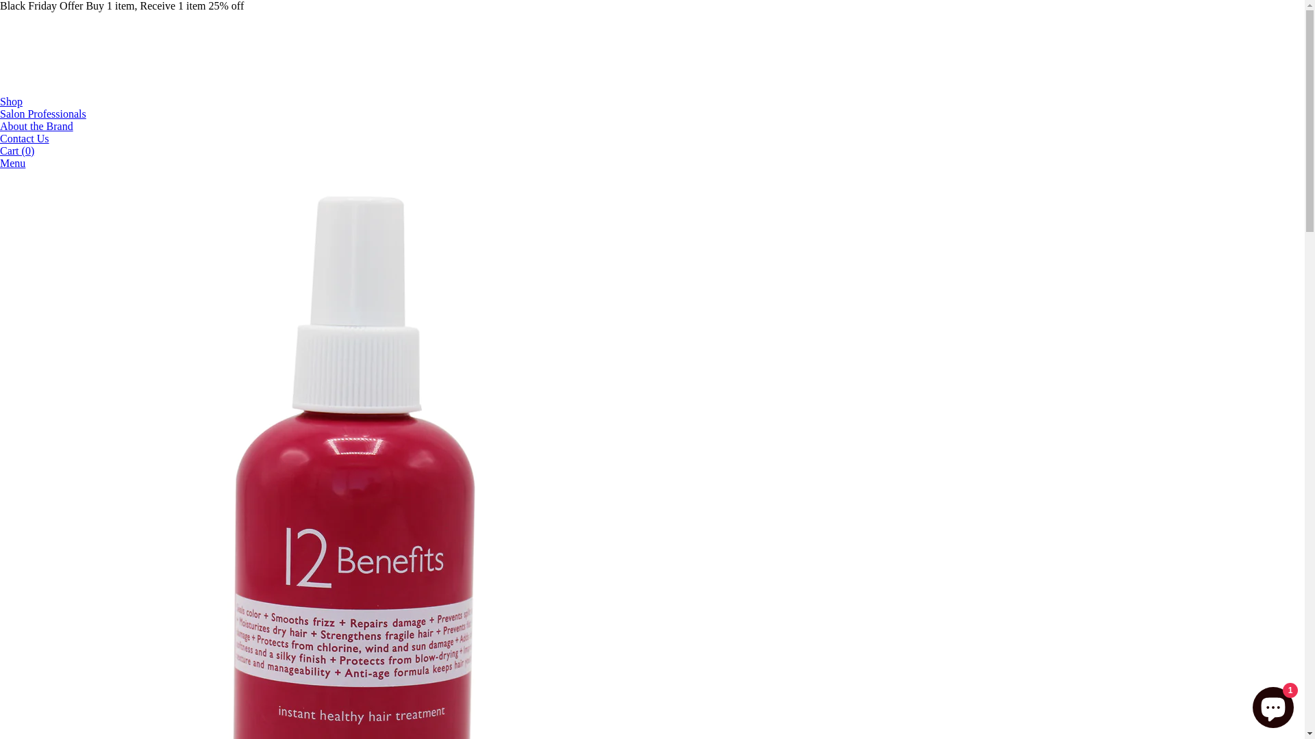 The width and height of the screenshot is (1315, 739). What do you see at coordinates (24, 138) in the screenshot?
I see `'Contact Us'` at bounding box center [24, 138].